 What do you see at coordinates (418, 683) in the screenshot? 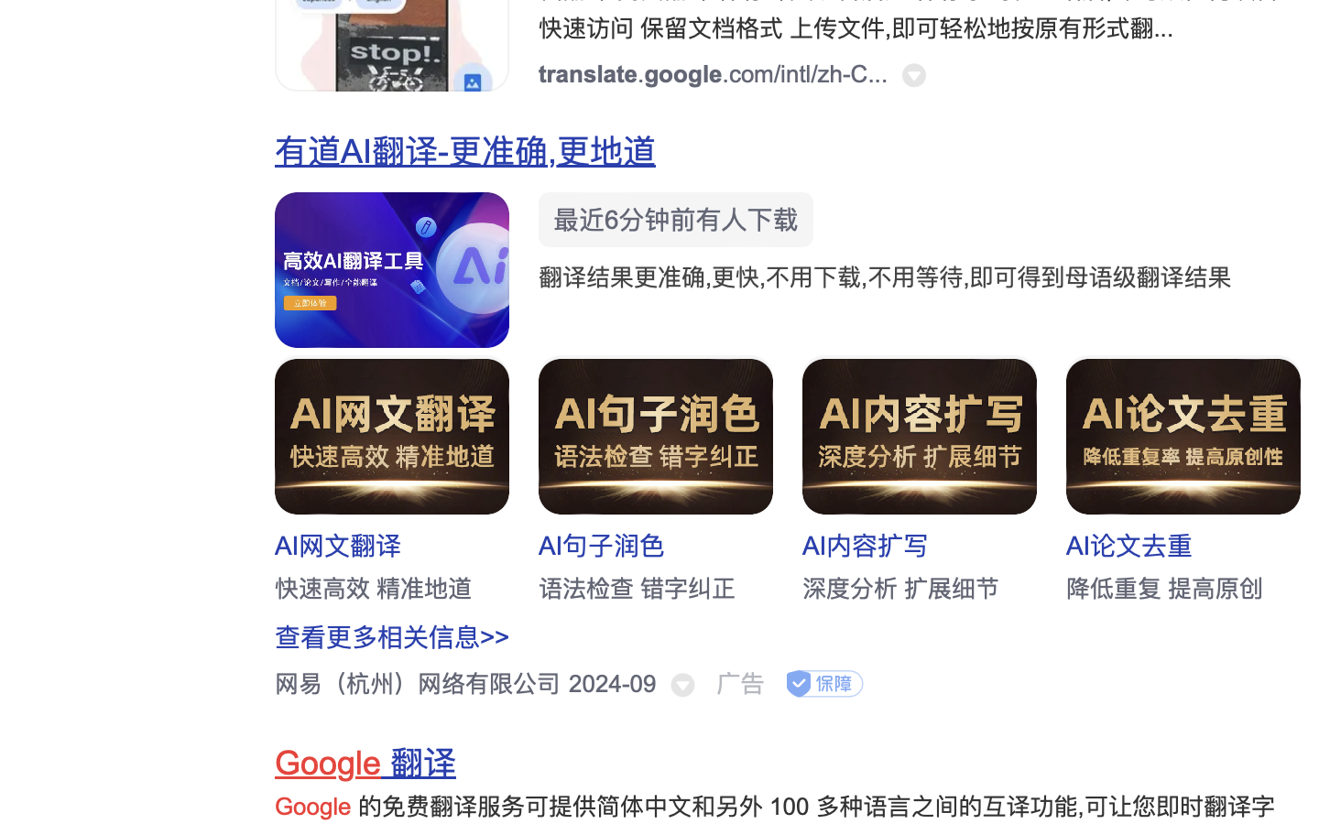
I see `'网易（杭州）网络有限公司'` at bounding box center [418, 683].